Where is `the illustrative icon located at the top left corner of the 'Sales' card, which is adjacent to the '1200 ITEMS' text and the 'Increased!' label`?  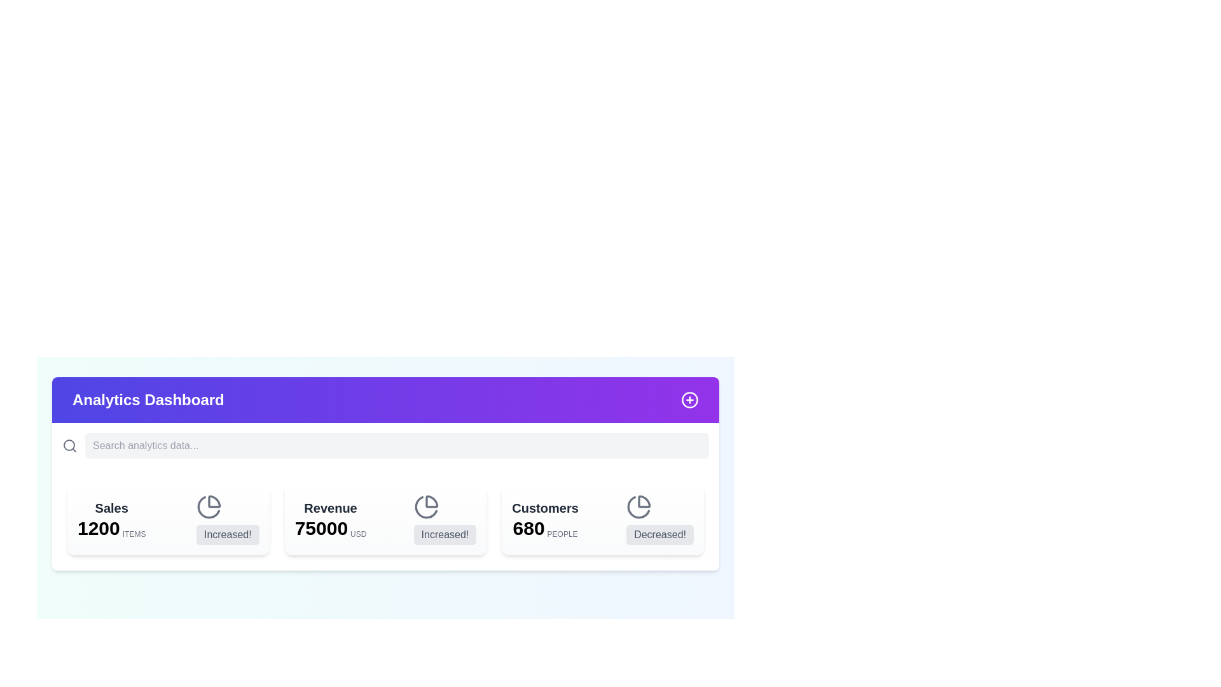 the illustrative icon located at the top left corner of the 'Sales' card, which is adjacent to the '1200 ITEMS' text and the 'Increased!' label is located at coordinates (209, 506).